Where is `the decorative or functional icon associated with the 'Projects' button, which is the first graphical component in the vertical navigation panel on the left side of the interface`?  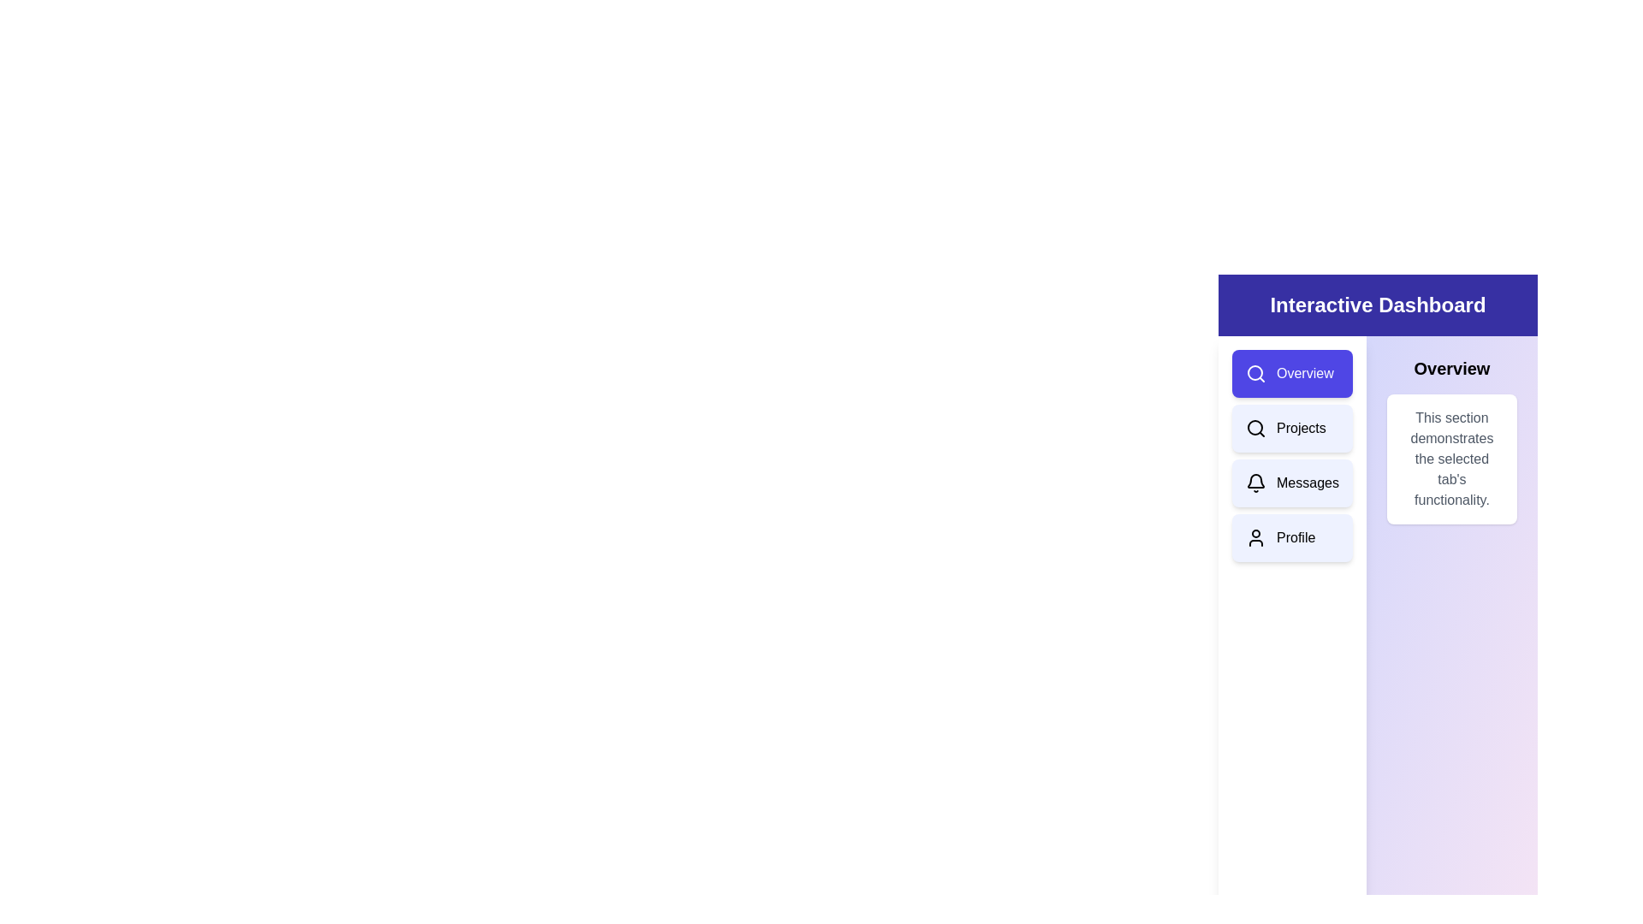
the decorative or functional icon associated with the 'Projects' button, which is the first graphical component in the vertical navigation panel on the left side of the interface is located at coordinates (1256, 428).